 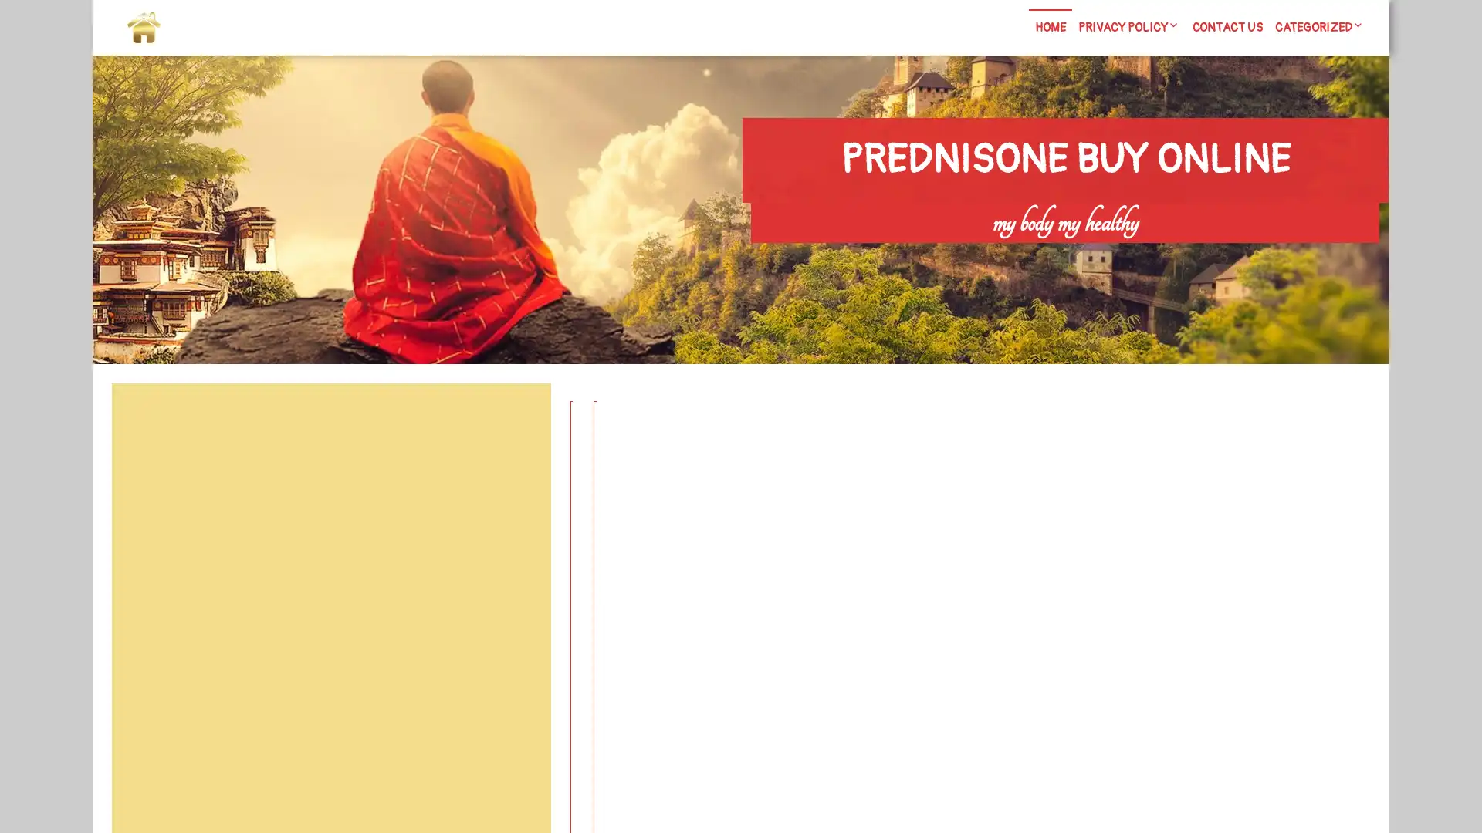 What do you see at coordinates (1202, 252) in the screenshot?
I see `Search` at bounding box center [1202, 252].